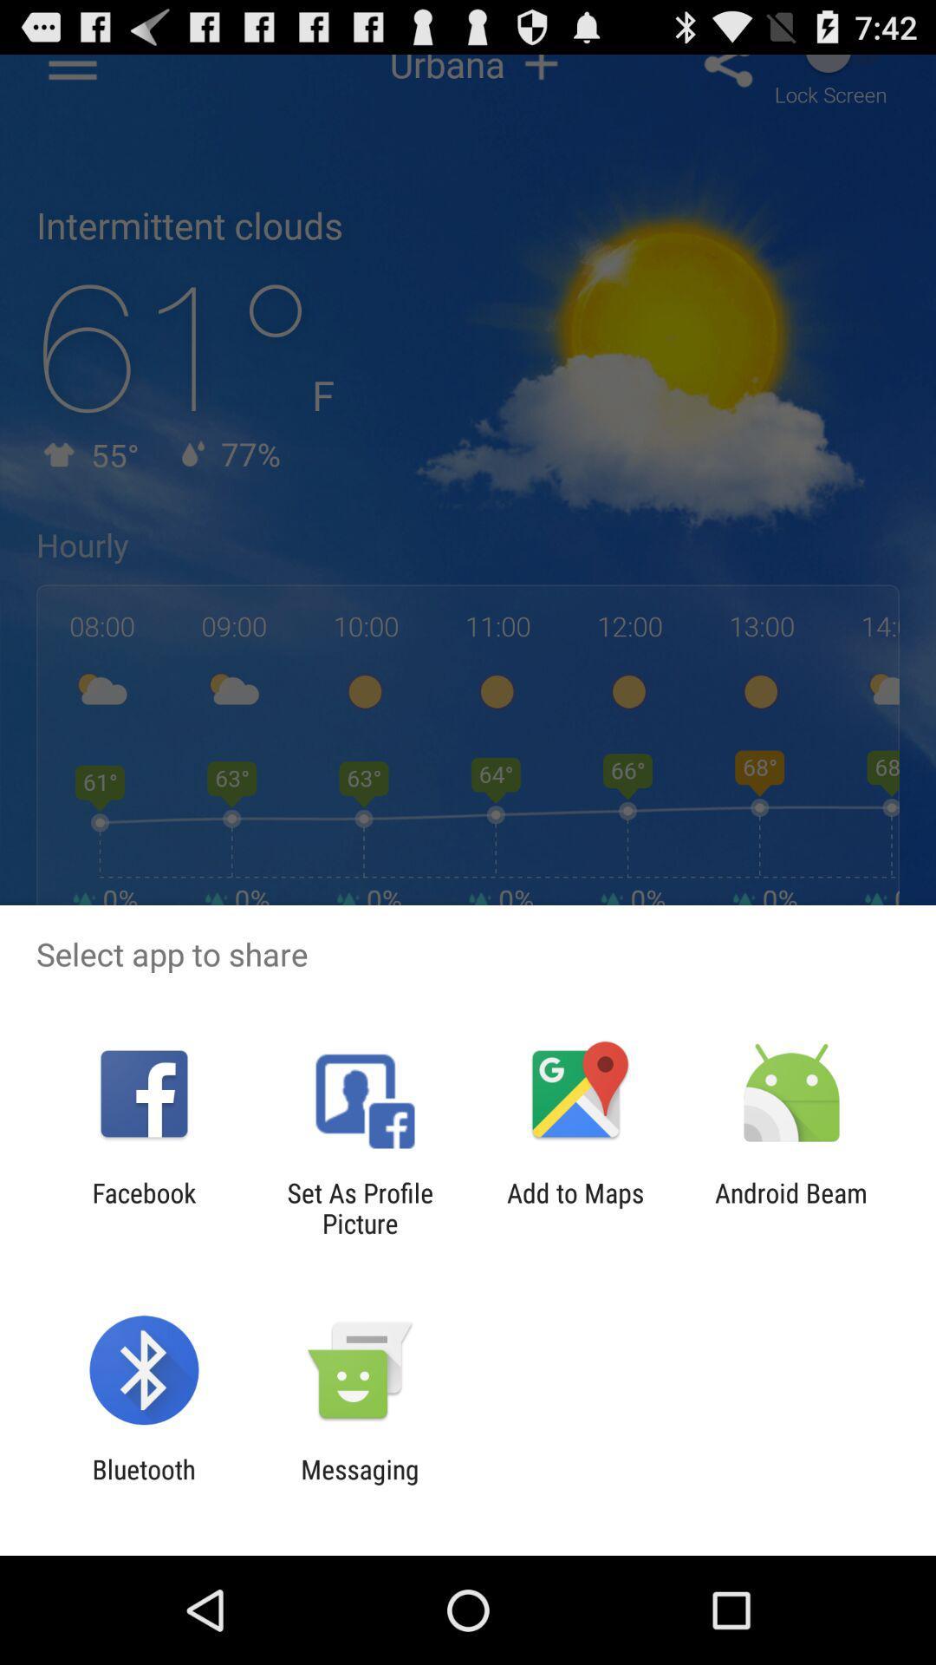 The width and height of the screenshot is (936, 1665). What do you see at coordinates (359, 1207) in the screenshot?
I see `set as profile app` at bounding box center [359, 1207].